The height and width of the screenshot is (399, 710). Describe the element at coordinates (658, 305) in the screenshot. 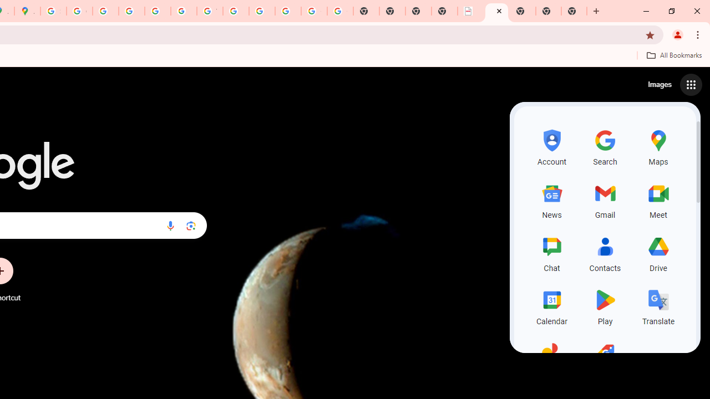

I see `'Translate, row 4 of 5 and column 3 of 3 in the first section'` at that location.